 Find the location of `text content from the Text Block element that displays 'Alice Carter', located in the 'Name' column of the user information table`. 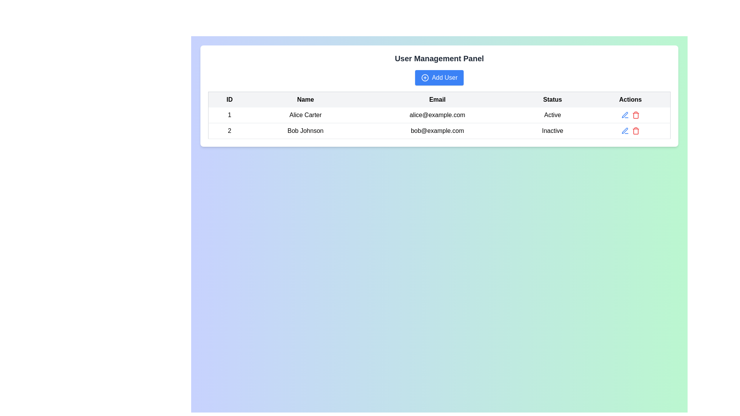

text content from the Text Block element that displays 'Alice Carter', located in the 'Name' column of the user information table is located at coordinates (305, 115).